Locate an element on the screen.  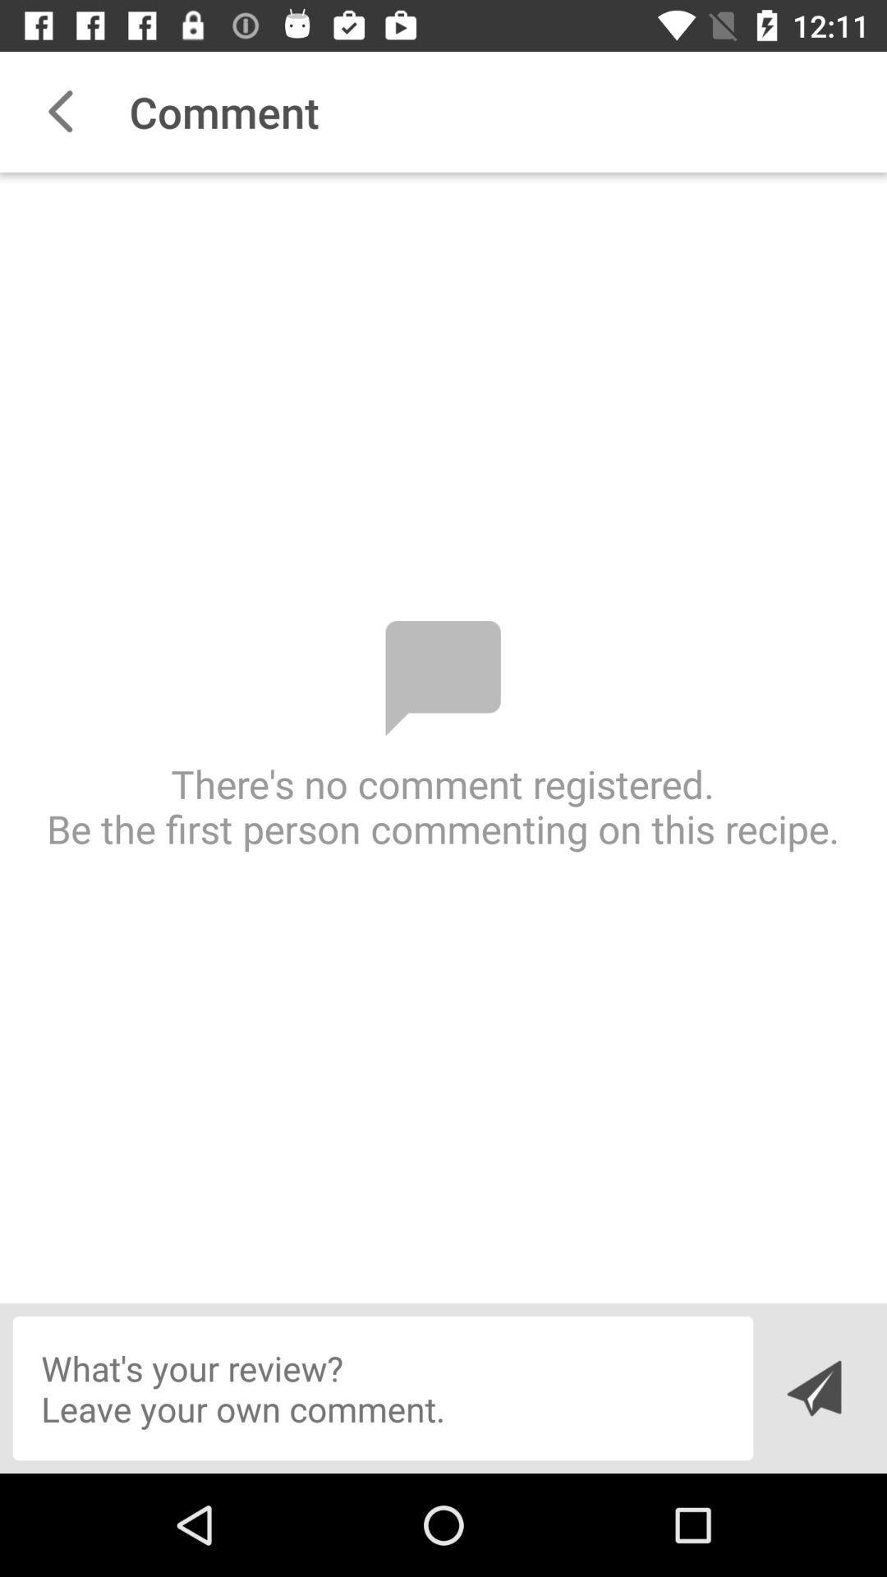
opens a text box for a review is located at coordinates (383, 1387).